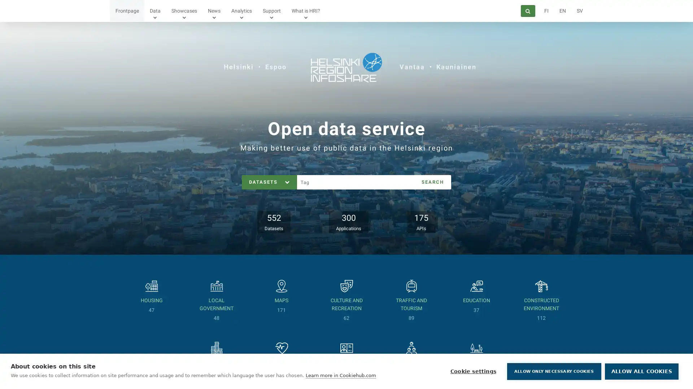 The width and height of the screenshot is (693, 389). What do you see at coordinates (155, 14) in the screenshot?
I see `Show submenu for Data` at bounding box center [155, 14].